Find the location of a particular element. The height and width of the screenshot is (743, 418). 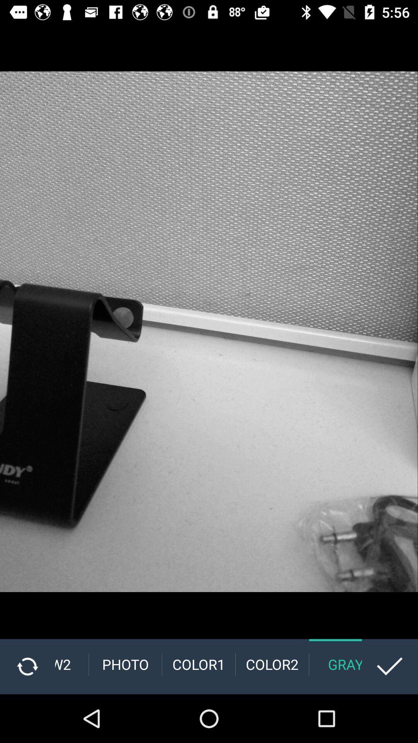

photo item is located at coordinates (125, 664).